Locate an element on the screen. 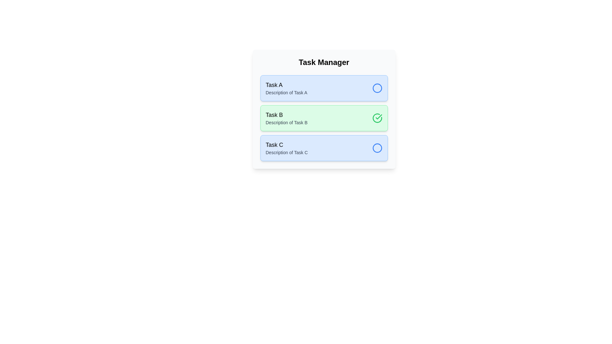 The width and height of the screenshot is (612, 344). the green circular icon with a checkmark that is part of Task B, located in the middle of the interface is located at coordinates (377, 118).